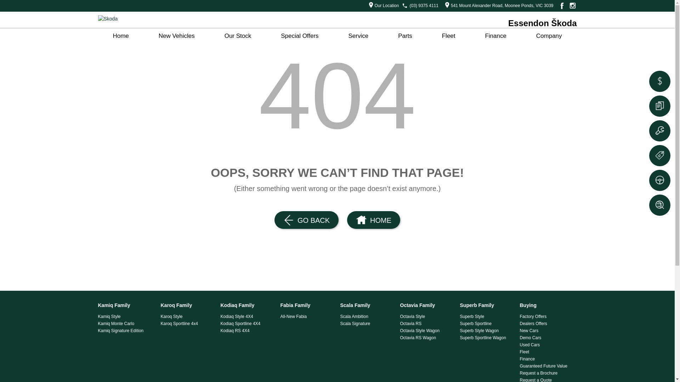 This screenshot has width=680, height=382. Describe the element at coordinates (125, 330) in the screenshot. I see `'Kamiq Signature Edition'` at that location.